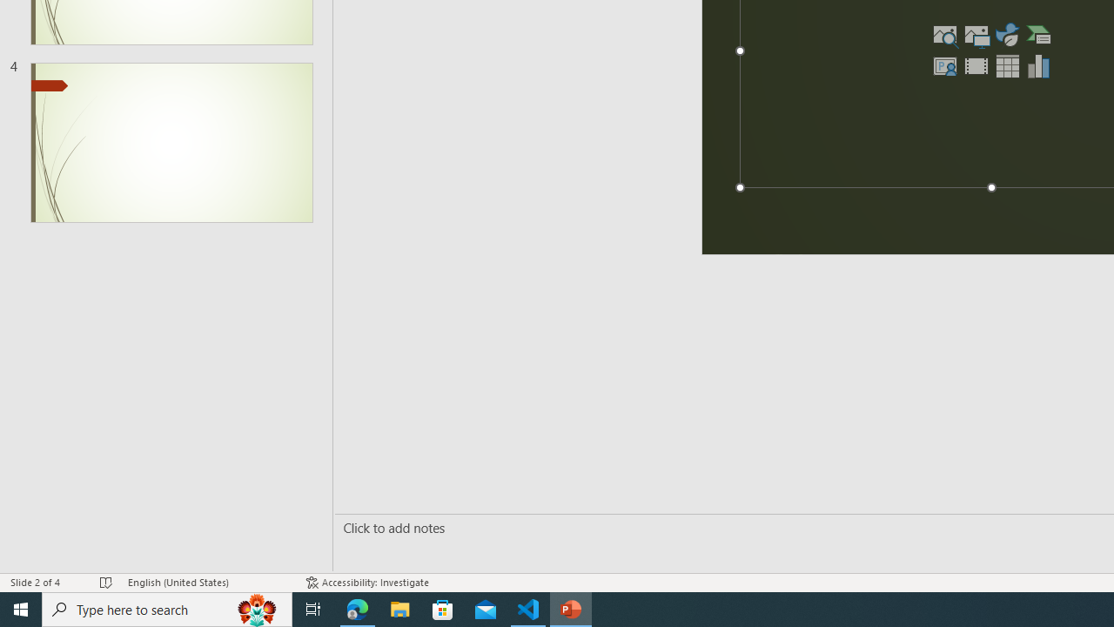 This screenshot has width=1114, height=627. Describe the element at coordinates (976, 64) in the screenshot. I see `'Insert Video'` at that location.